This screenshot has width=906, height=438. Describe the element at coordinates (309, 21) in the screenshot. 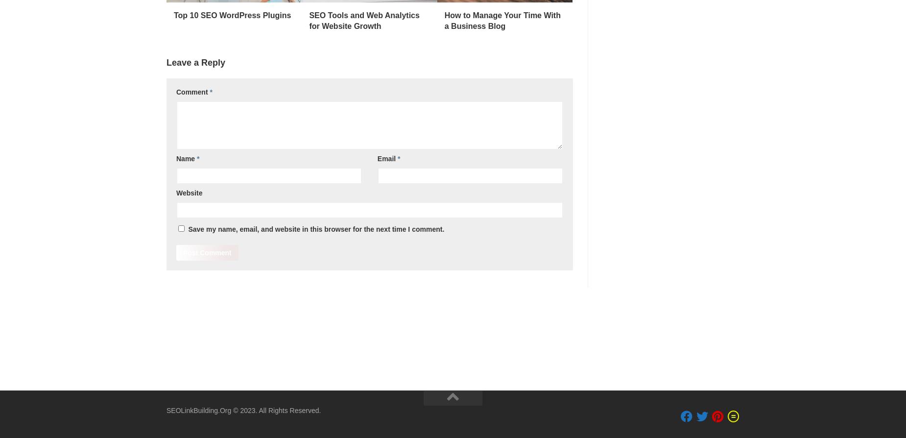

I see `'SEO Tools and Web Analytics for Website Growth'` at that location.